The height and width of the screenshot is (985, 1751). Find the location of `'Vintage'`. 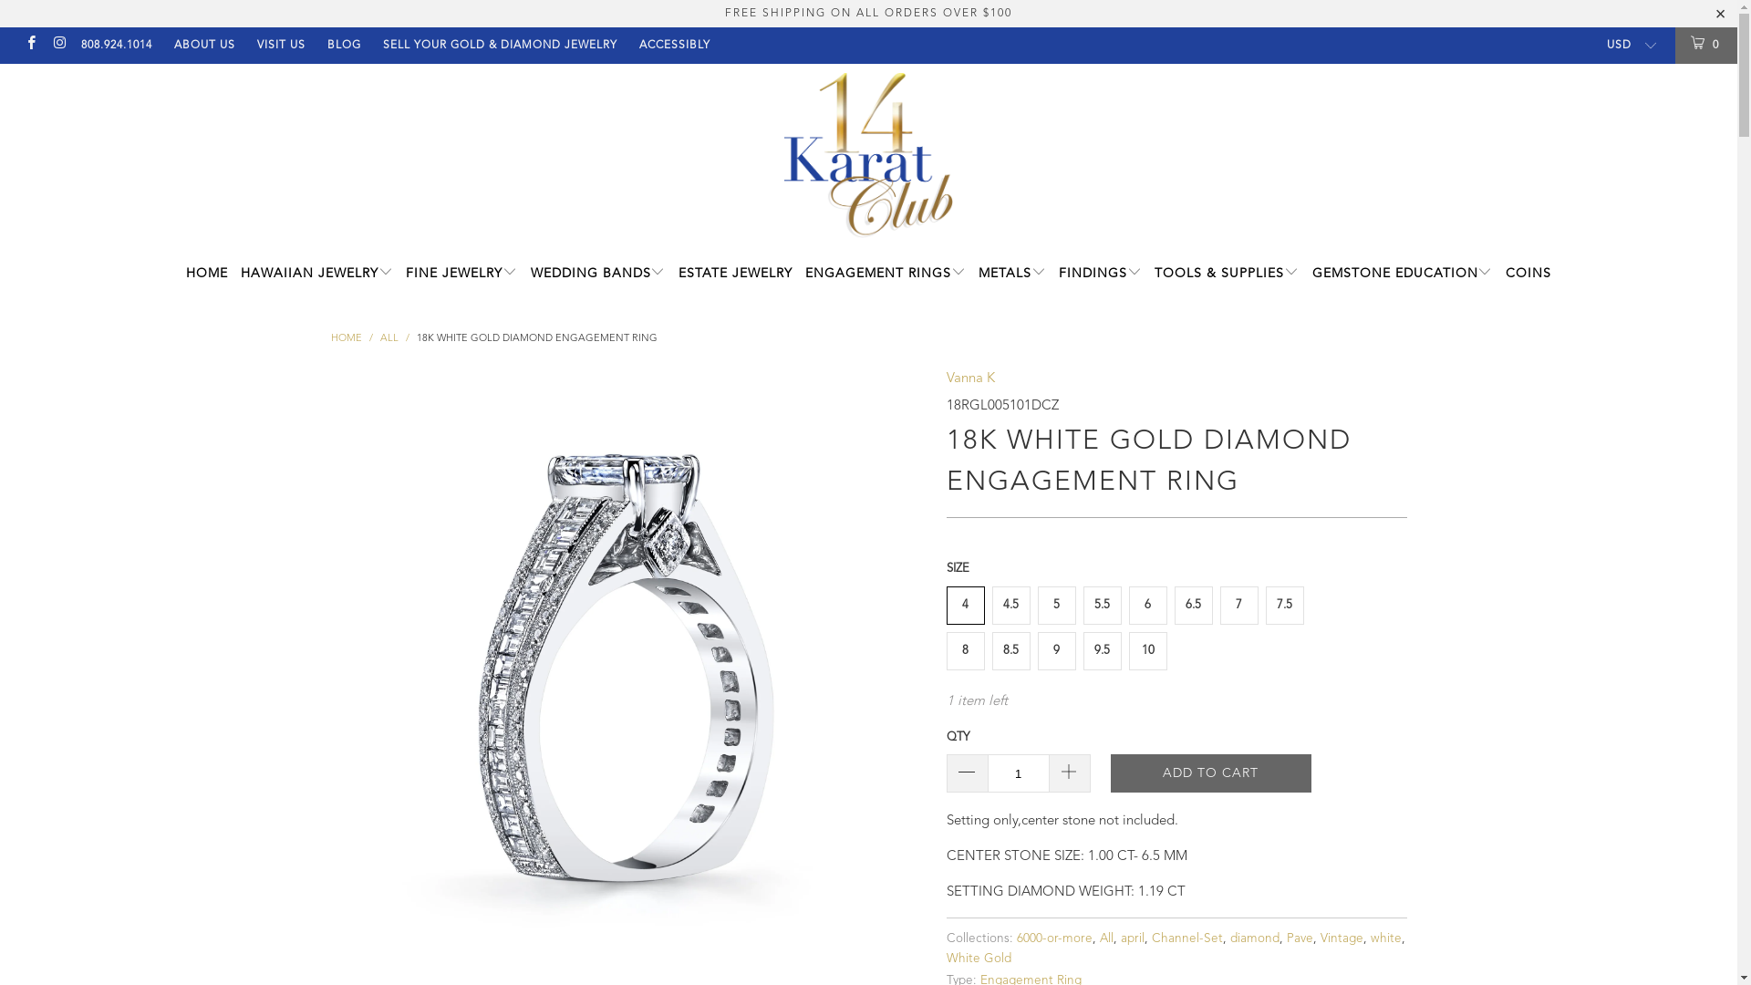

'Vintage' is located at coordinates (1342, 938).